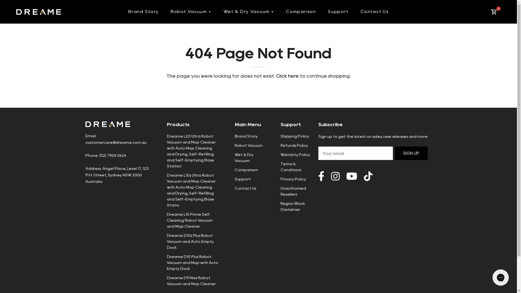 The image size is (521, 293). Describe the element at coordinates (287, 76) in the screenshot. I see `'Click here'` at that location.